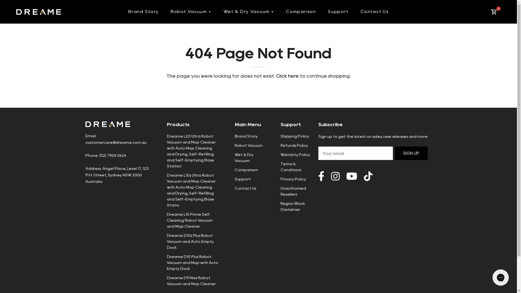 The image size is (521, 293). Describe the element at coordinates (287, 76) in the screenshot. I see `'Click here'` at that location.